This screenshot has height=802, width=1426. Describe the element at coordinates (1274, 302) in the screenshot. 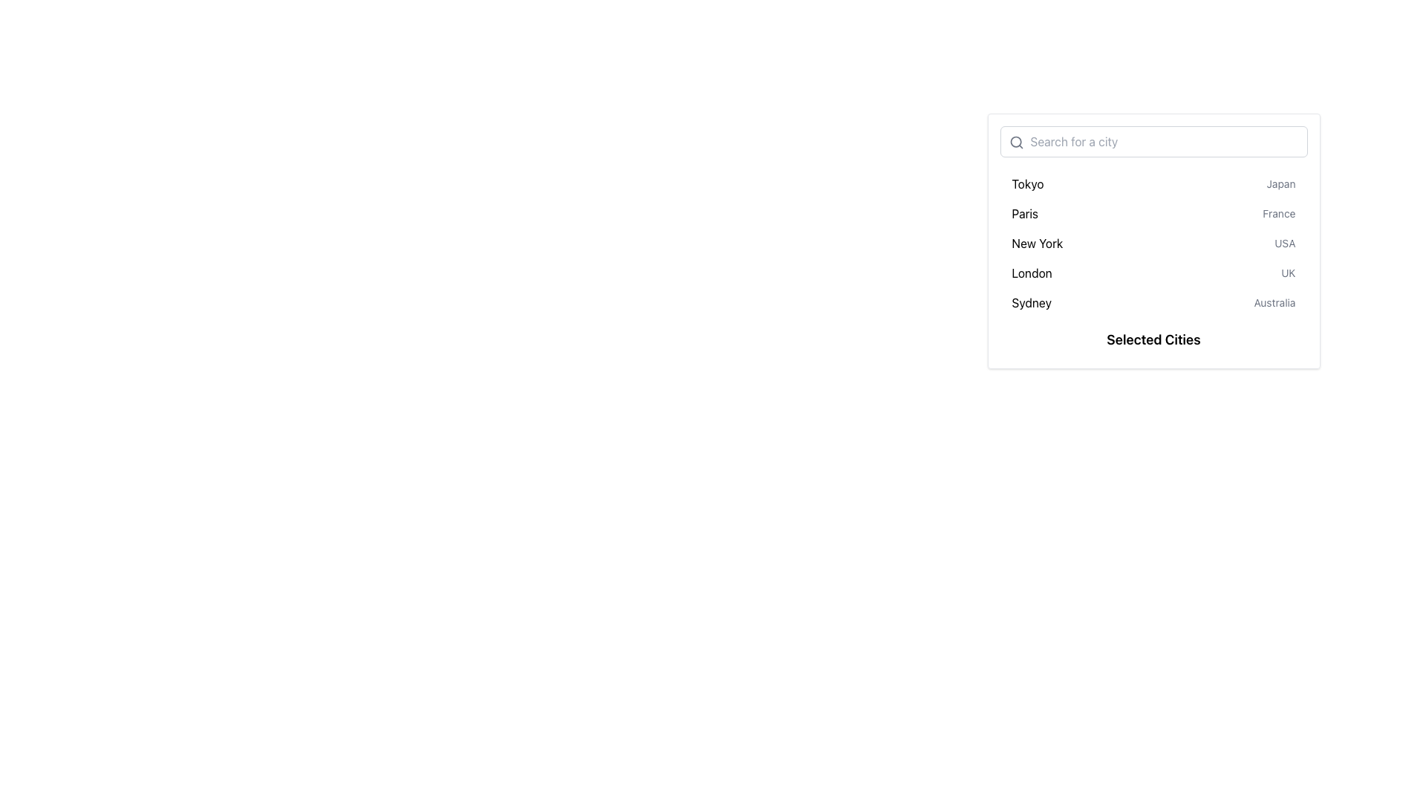

I see `the text label displaying 'Australia' located beside 'Sydney' in the dropdown interface` at that location.